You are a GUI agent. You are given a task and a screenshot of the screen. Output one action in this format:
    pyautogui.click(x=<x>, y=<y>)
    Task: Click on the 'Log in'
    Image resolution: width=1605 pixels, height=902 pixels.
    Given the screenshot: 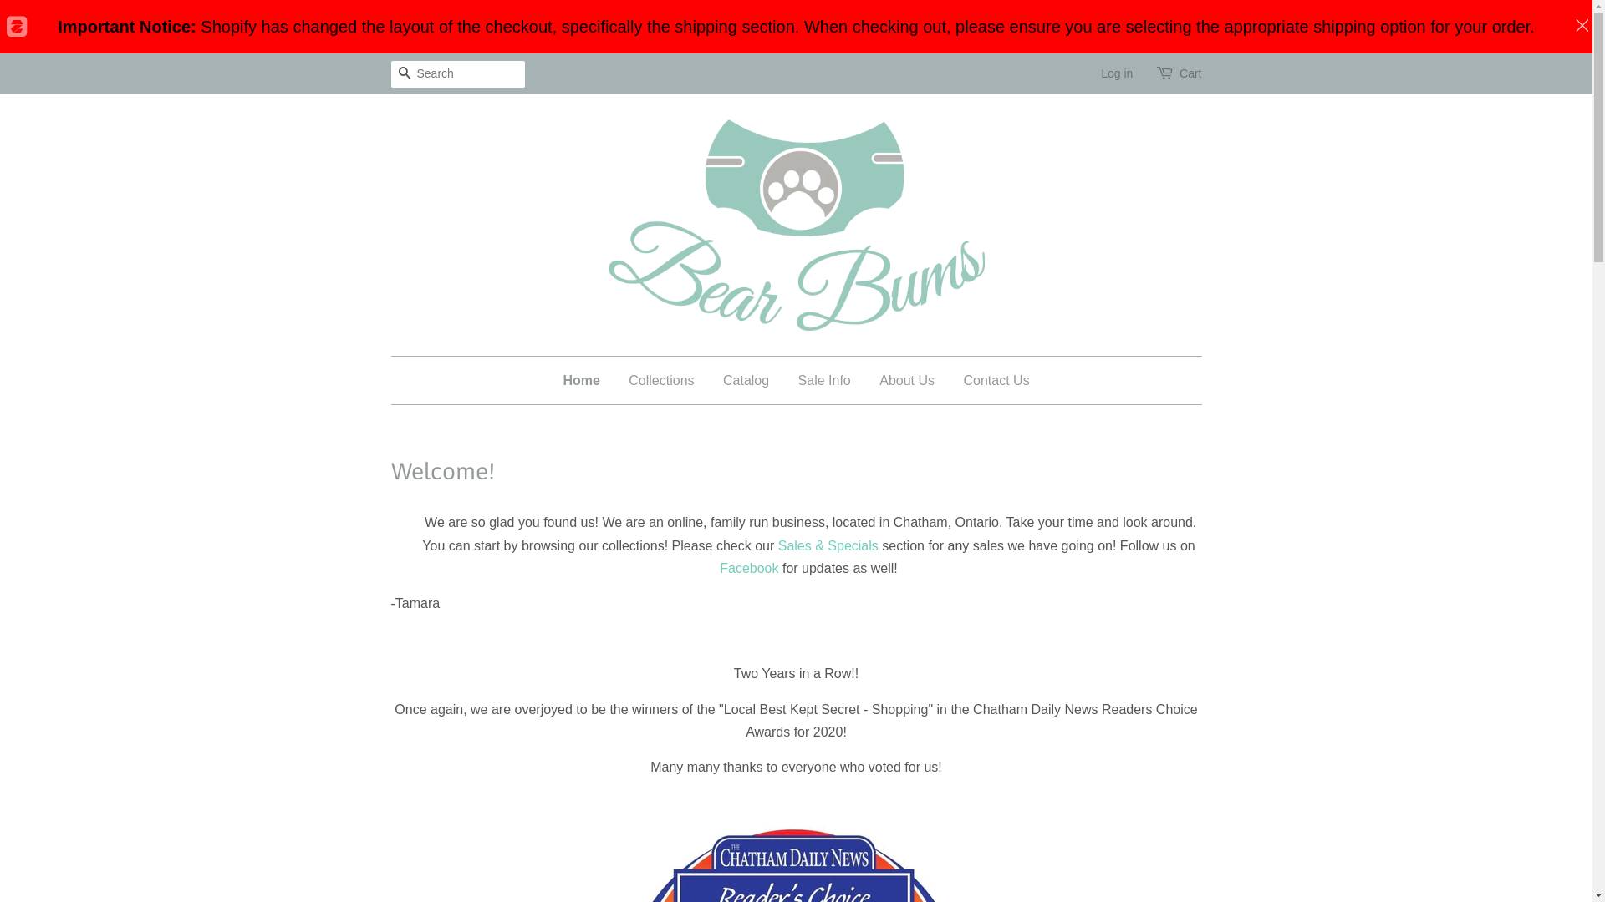 What is the action you would take?
    pyautogui.click(x=1116, y=73)
    